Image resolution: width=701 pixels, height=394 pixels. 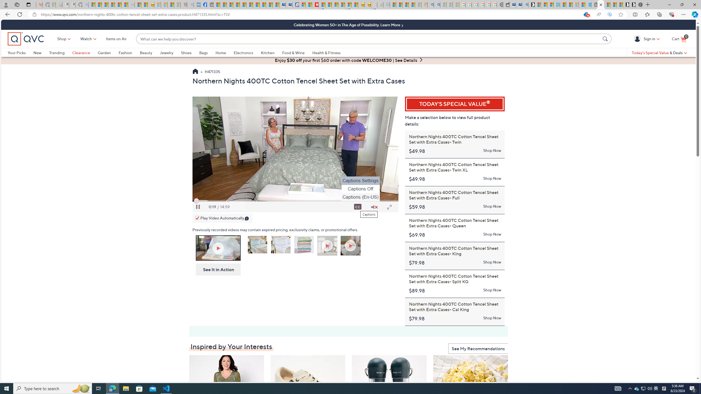 What do you see at coordinates (25, 39) in the screenshot?
I see `'QVC home'` at bounding box center [25, 39].